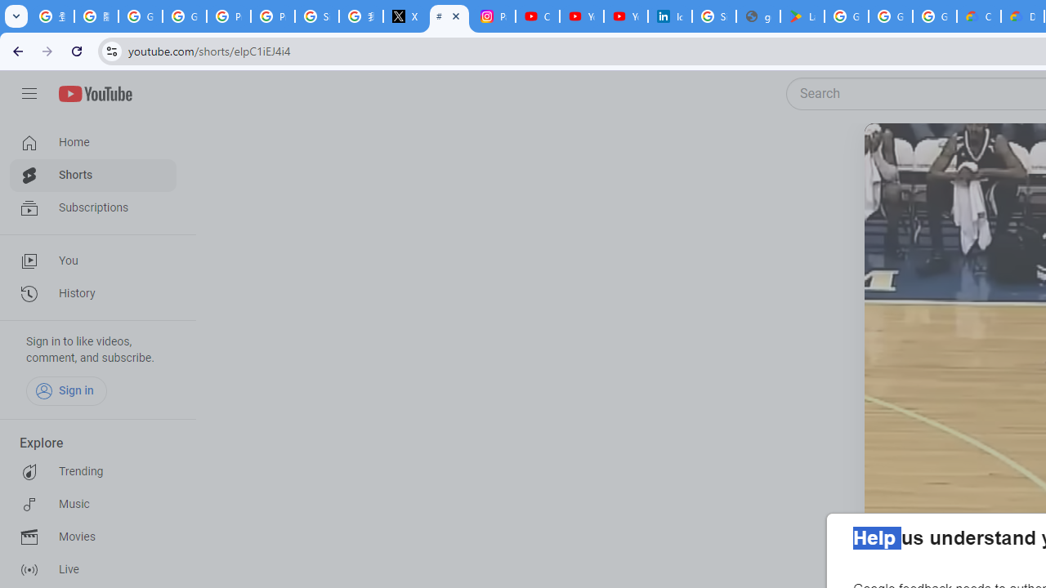  Describe the element at coordinates (714, 16) in the screenshot. I see `'Sign in - Google Accounts'` at that location.